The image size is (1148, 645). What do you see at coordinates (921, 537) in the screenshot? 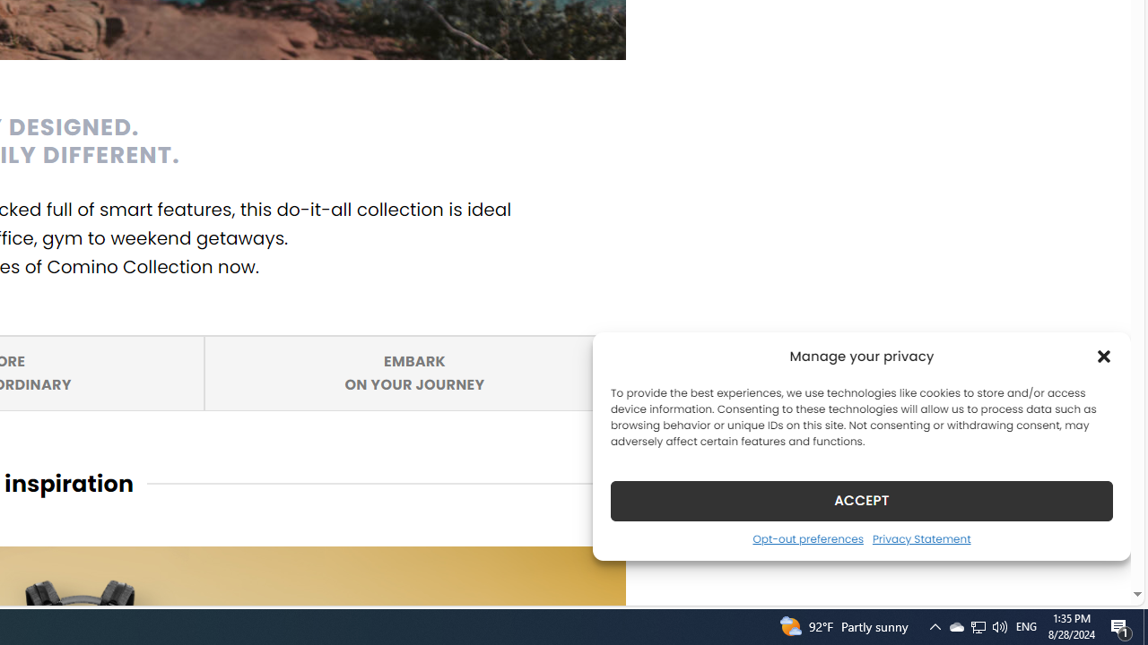
I see `'Privacy Statement'` at bounding box center [921, 537].